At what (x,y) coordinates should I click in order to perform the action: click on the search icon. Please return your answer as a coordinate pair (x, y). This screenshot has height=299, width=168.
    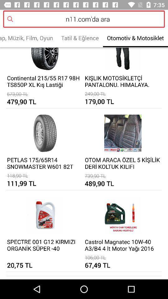
    Looking at the image, I should click on (11, 21).